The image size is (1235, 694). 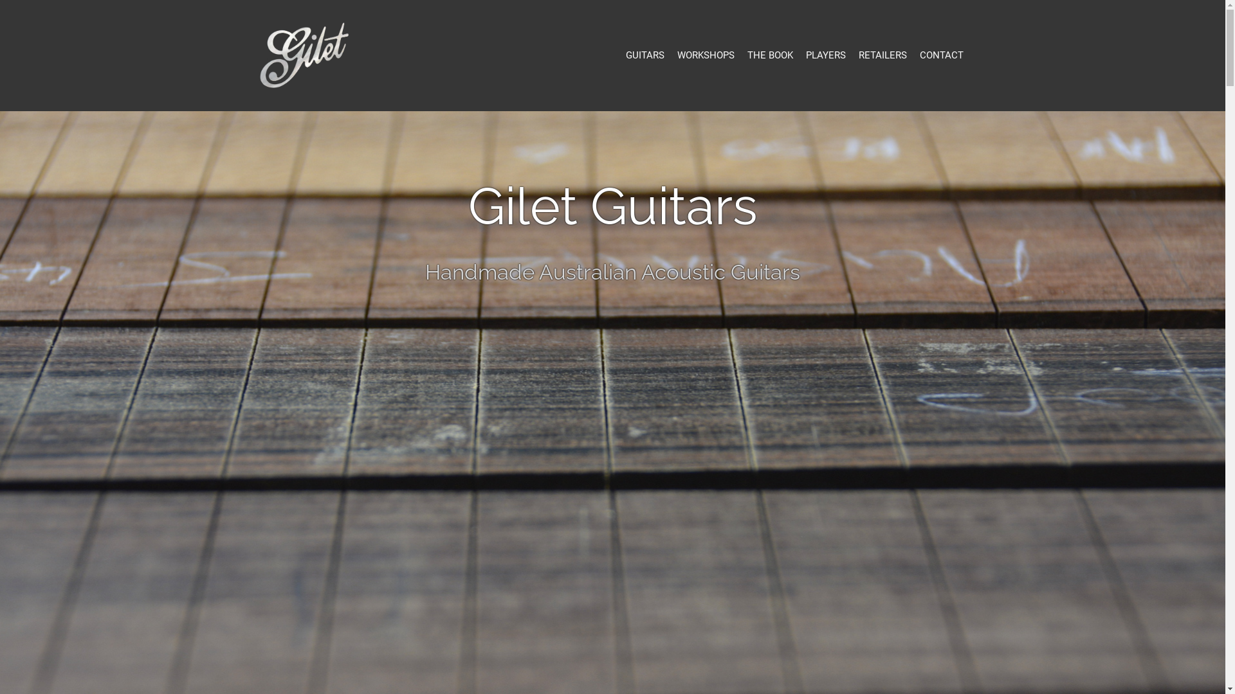 I want to click on 'THE BOOK', so click(x=770, y=55).